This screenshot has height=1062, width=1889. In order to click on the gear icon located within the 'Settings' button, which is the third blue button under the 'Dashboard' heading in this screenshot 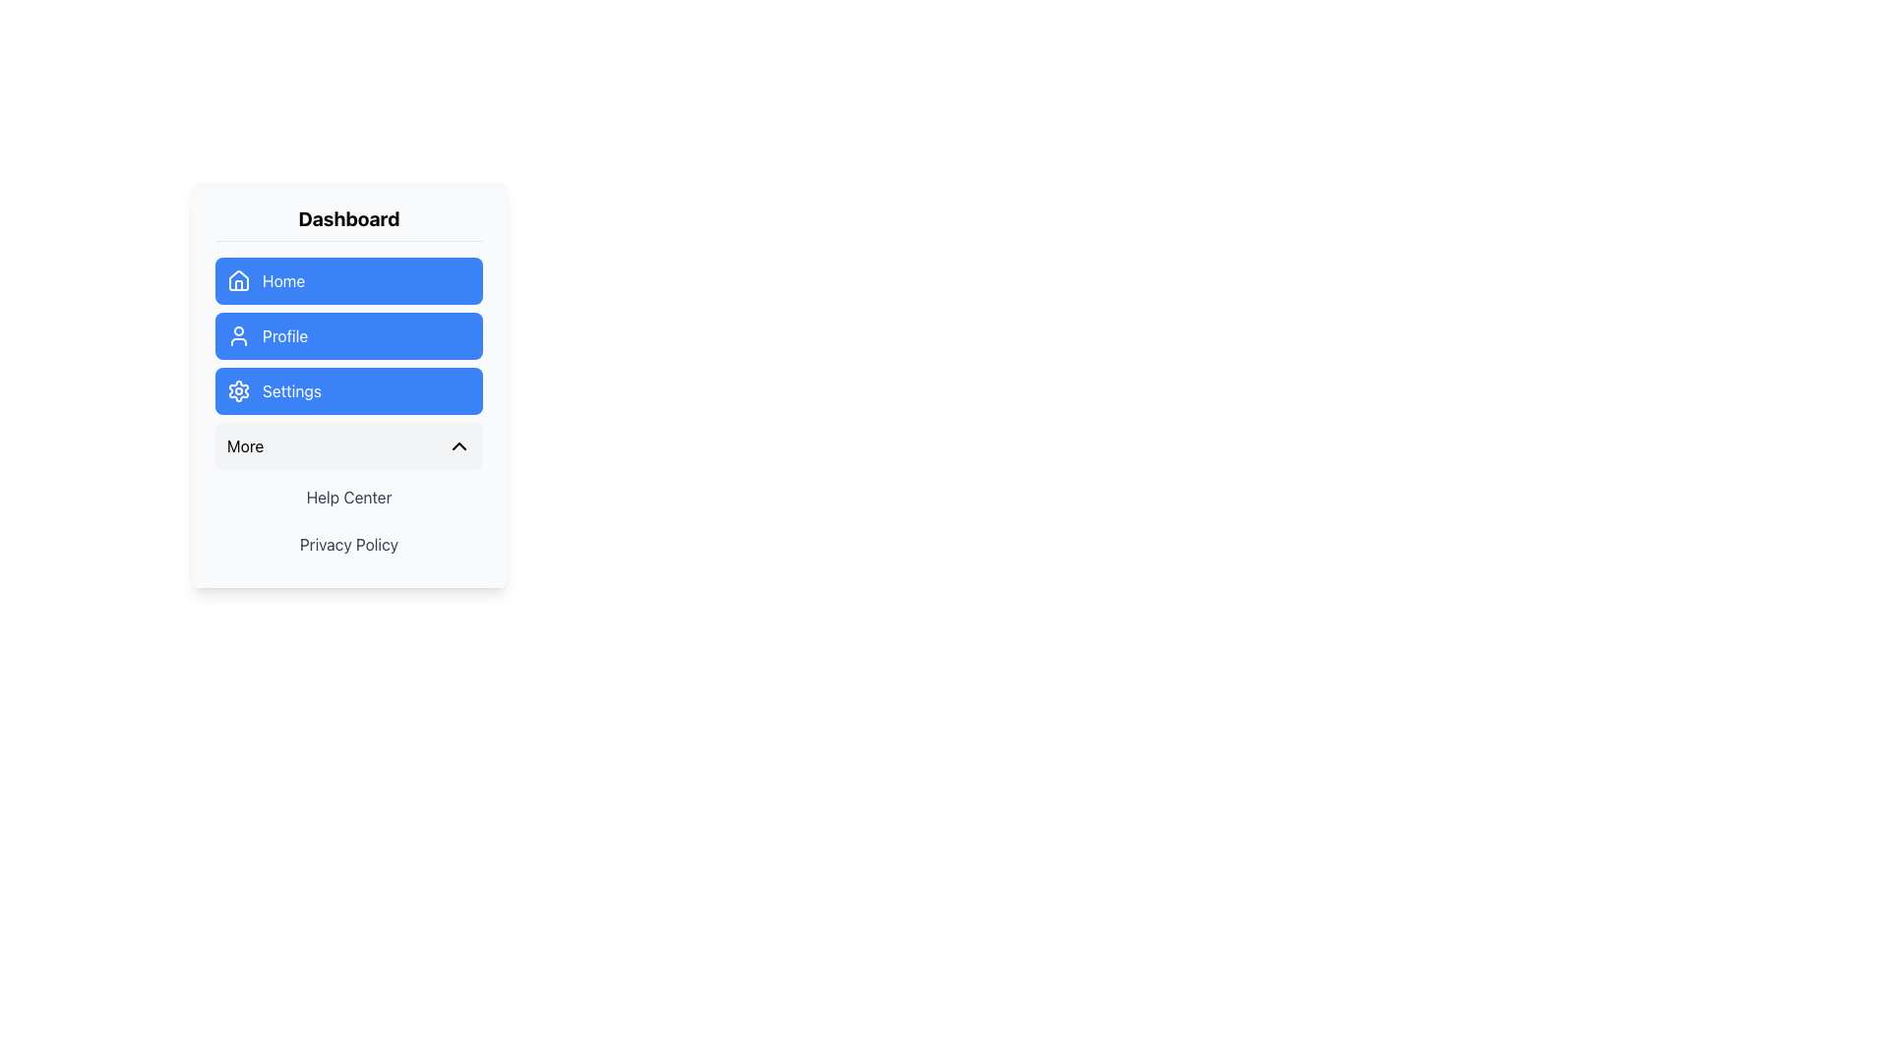, I will do `click(238, 390)`.